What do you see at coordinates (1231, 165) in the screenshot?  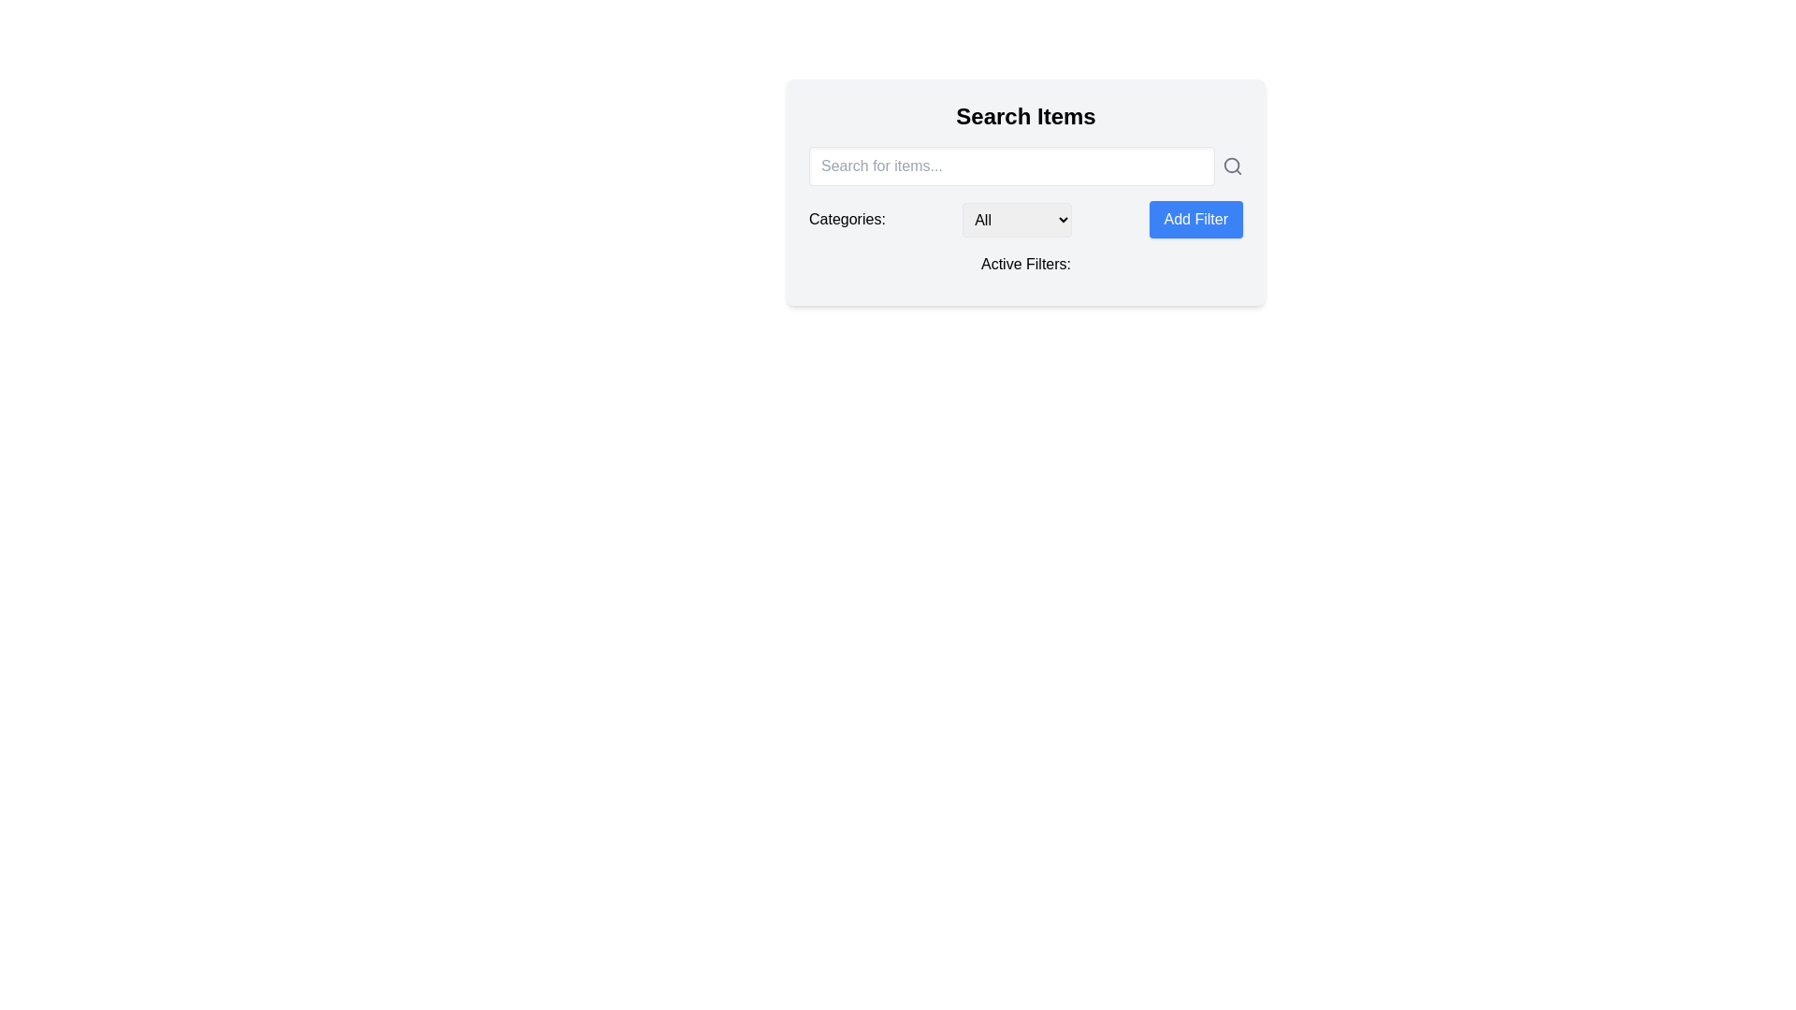 I see `the decorative circular shape that is part of the search icon located on the right-hand side of the search input field` at bounding box center [1231, 165].